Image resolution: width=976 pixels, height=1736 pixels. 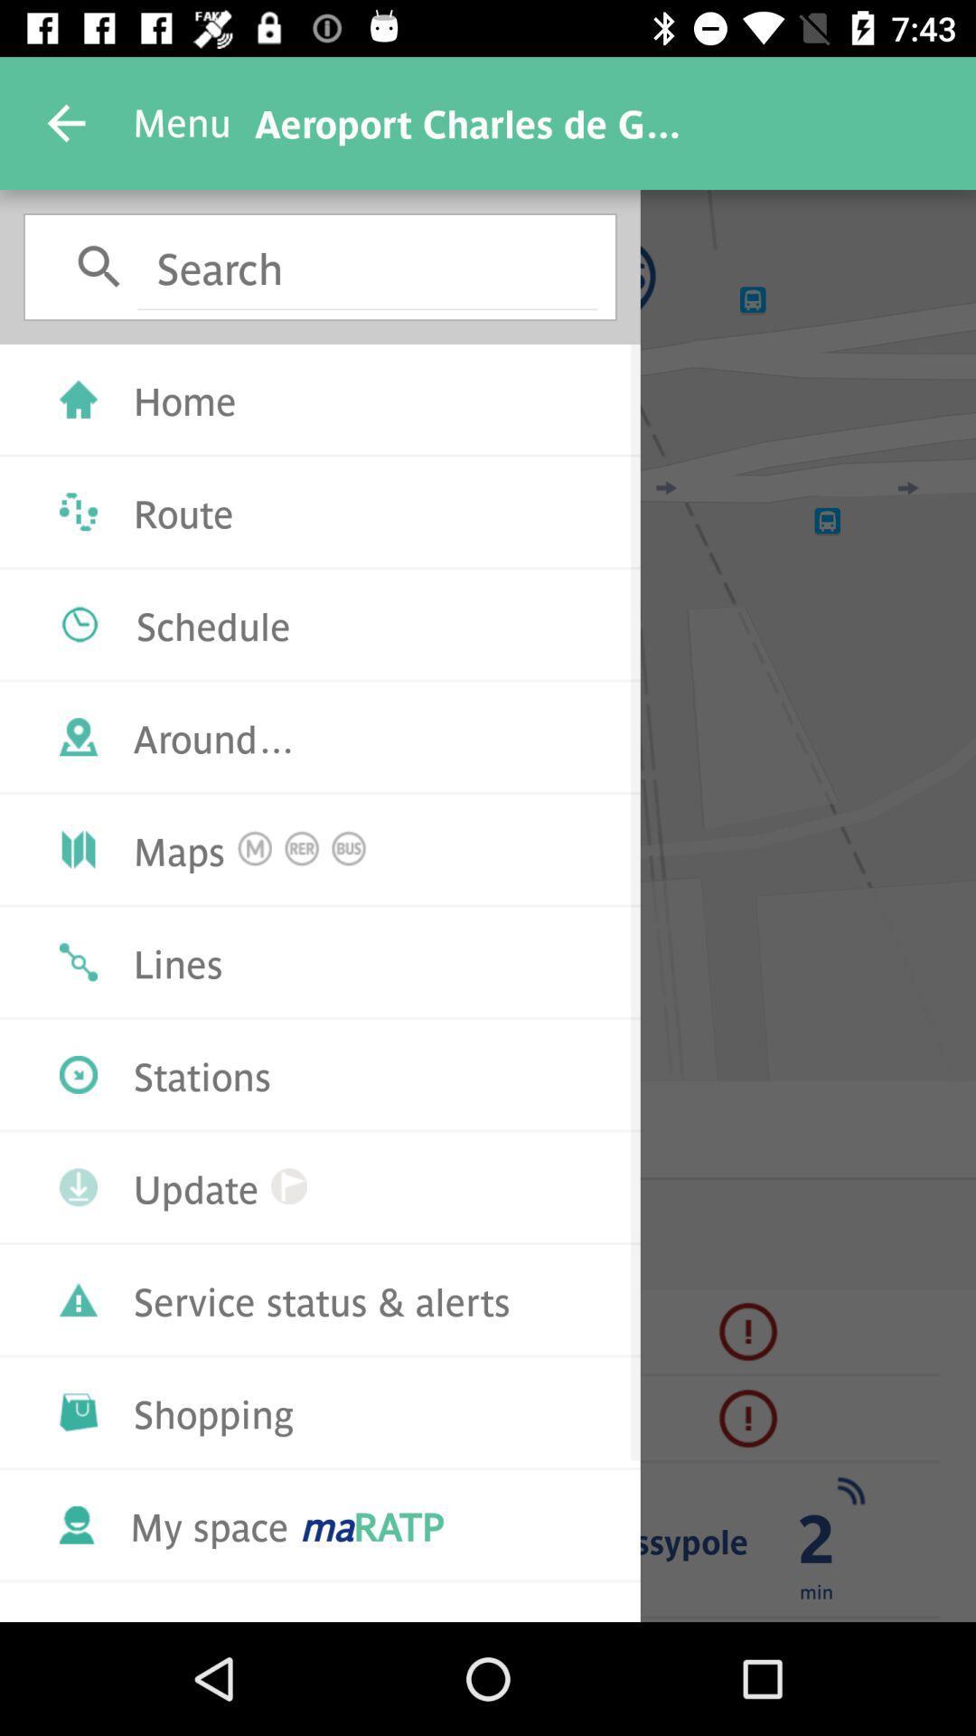 I want to click on the icon which is left hand side of the text shopping, so click(x=78, y=1410).